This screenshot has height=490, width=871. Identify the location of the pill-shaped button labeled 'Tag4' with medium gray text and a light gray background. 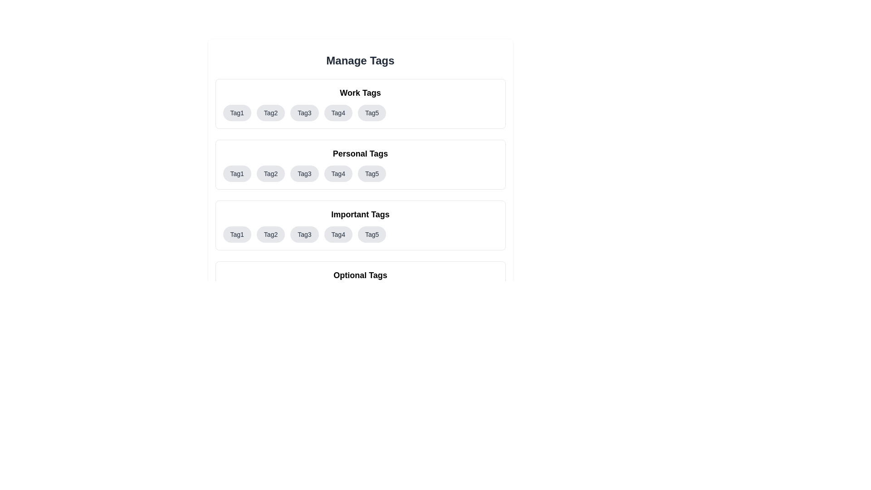
(338, 173).